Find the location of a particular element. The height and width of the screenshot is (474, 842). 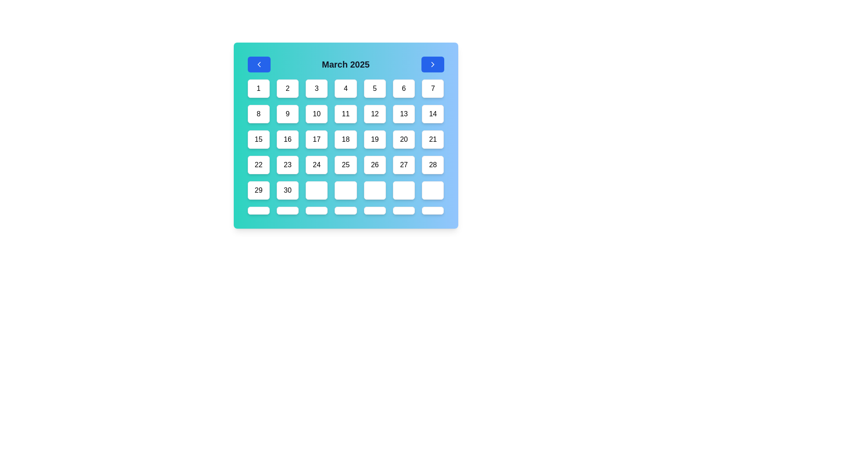

the calendar day cell displaying the number '18' is located at coordinates (345, 147).